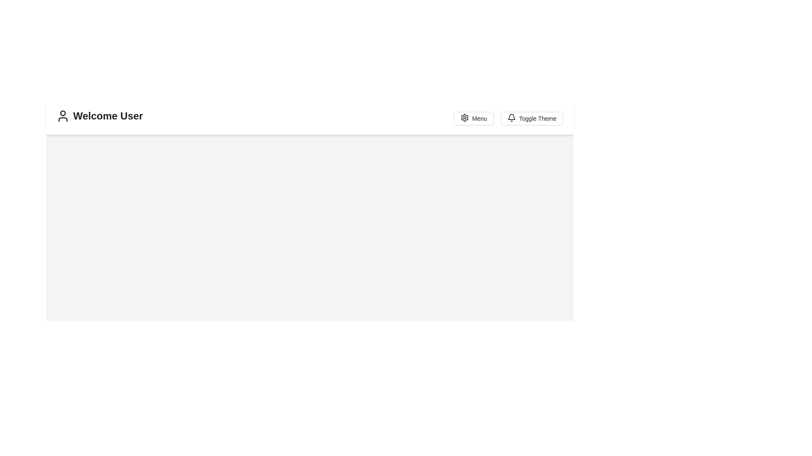 The height and width of the screenshot is (456, 812). Describe the element at coordinates (479, 119) in the screenshot. I see `the 'Menu' text label within the button that also contains graphical elements such as a settings cogwheel` at that location.